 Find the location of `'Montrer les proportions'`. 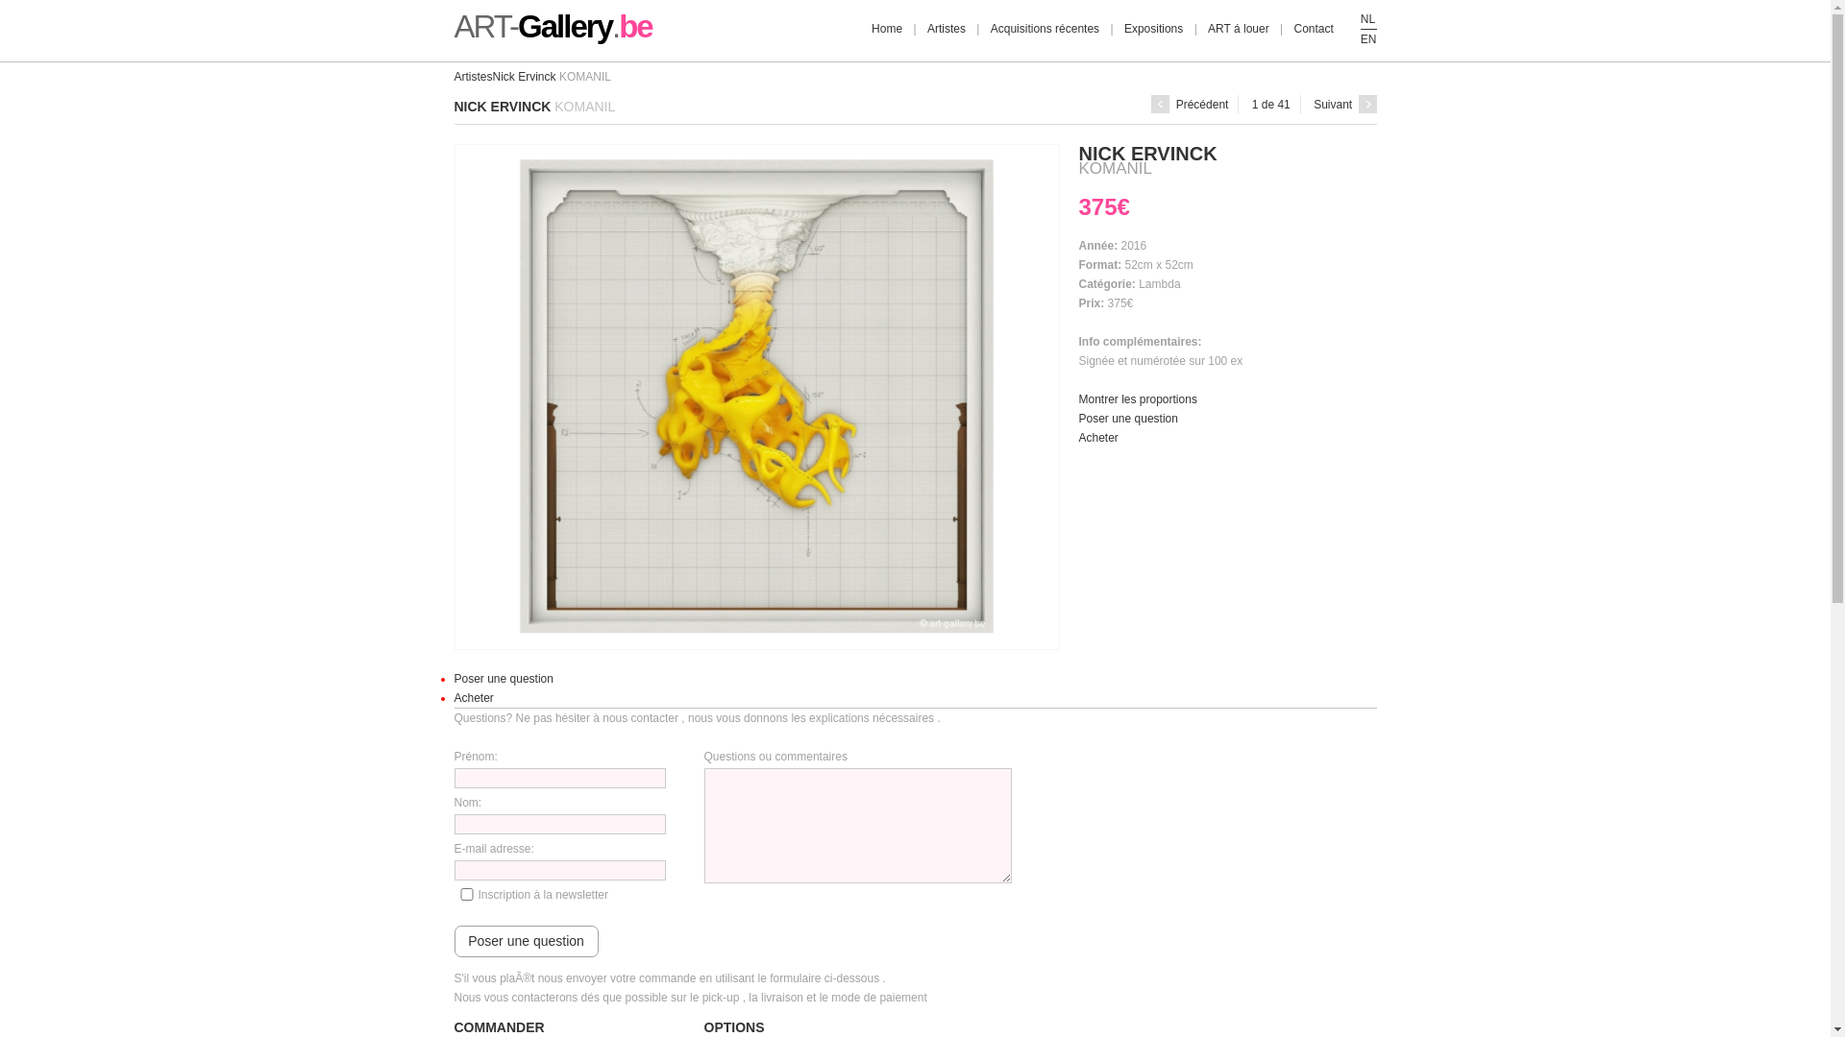

'Montrer les proportions' is located at coordinates (1137, 398).